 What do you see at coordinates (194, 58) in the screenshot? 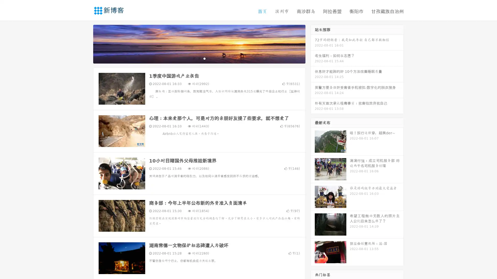
I see `Go to slide 1` at bounding box center [194, 58].